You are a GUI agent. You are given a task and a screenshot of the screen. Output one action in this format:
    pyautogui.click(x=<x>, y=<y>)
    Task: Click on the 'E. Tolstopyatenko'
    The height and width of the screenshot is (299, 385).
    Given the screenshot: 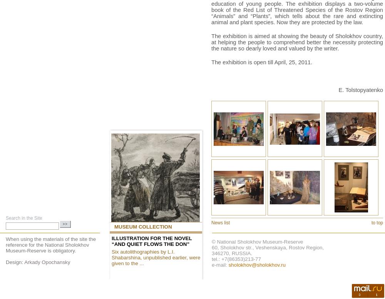 What is the action you would take?
    pyautogui.click(x=361, y=90)
    